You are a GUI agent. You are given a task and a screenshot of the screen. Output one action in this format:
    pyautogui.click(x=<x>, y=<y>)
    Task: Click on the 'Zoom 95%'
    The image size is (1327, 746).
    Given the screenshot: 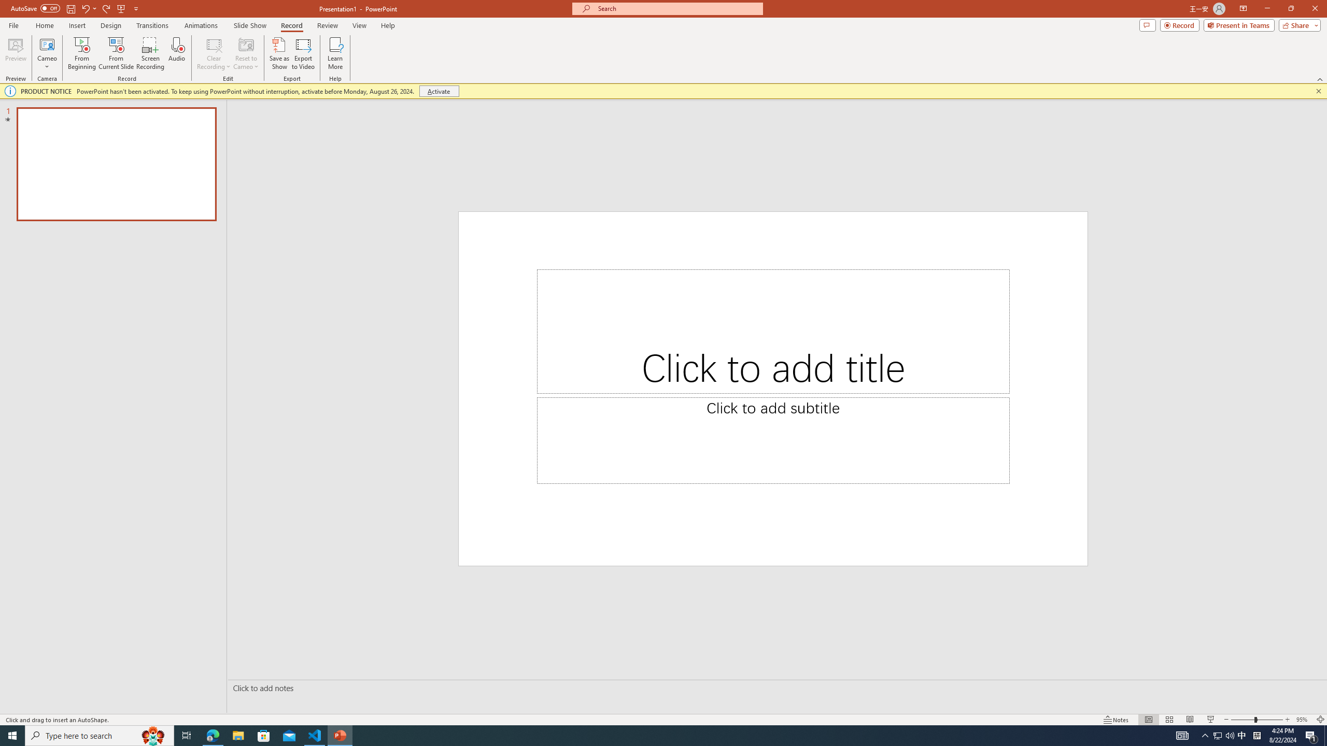 What is the action you would take?
    pyautogui.click(x=1304, y=720)
    